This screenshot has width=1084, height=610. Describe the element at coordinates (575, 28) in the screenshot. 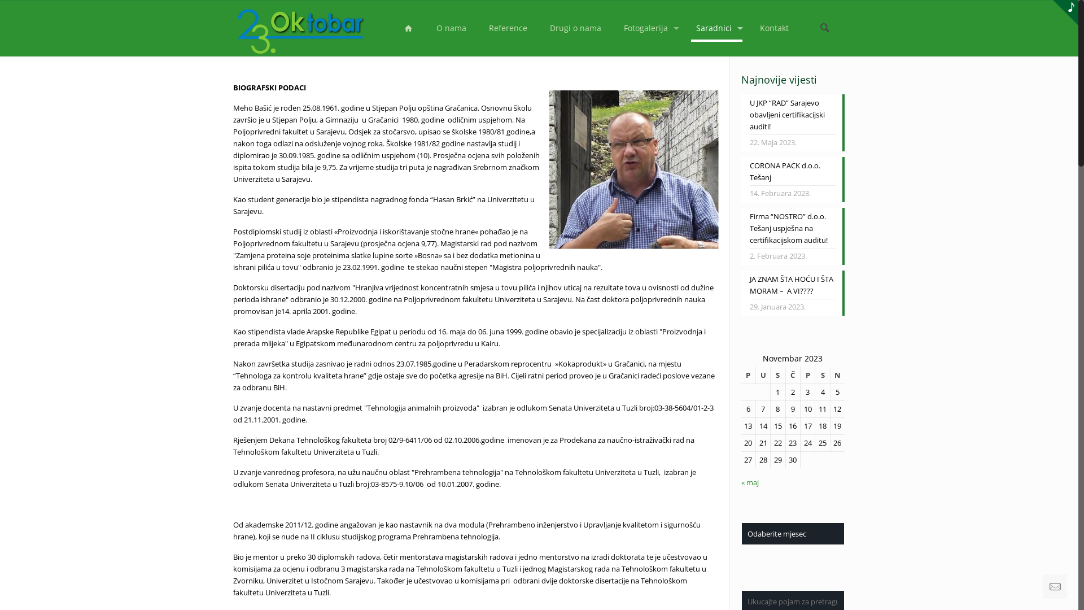

I see `'Drugi o nama'` at that location.